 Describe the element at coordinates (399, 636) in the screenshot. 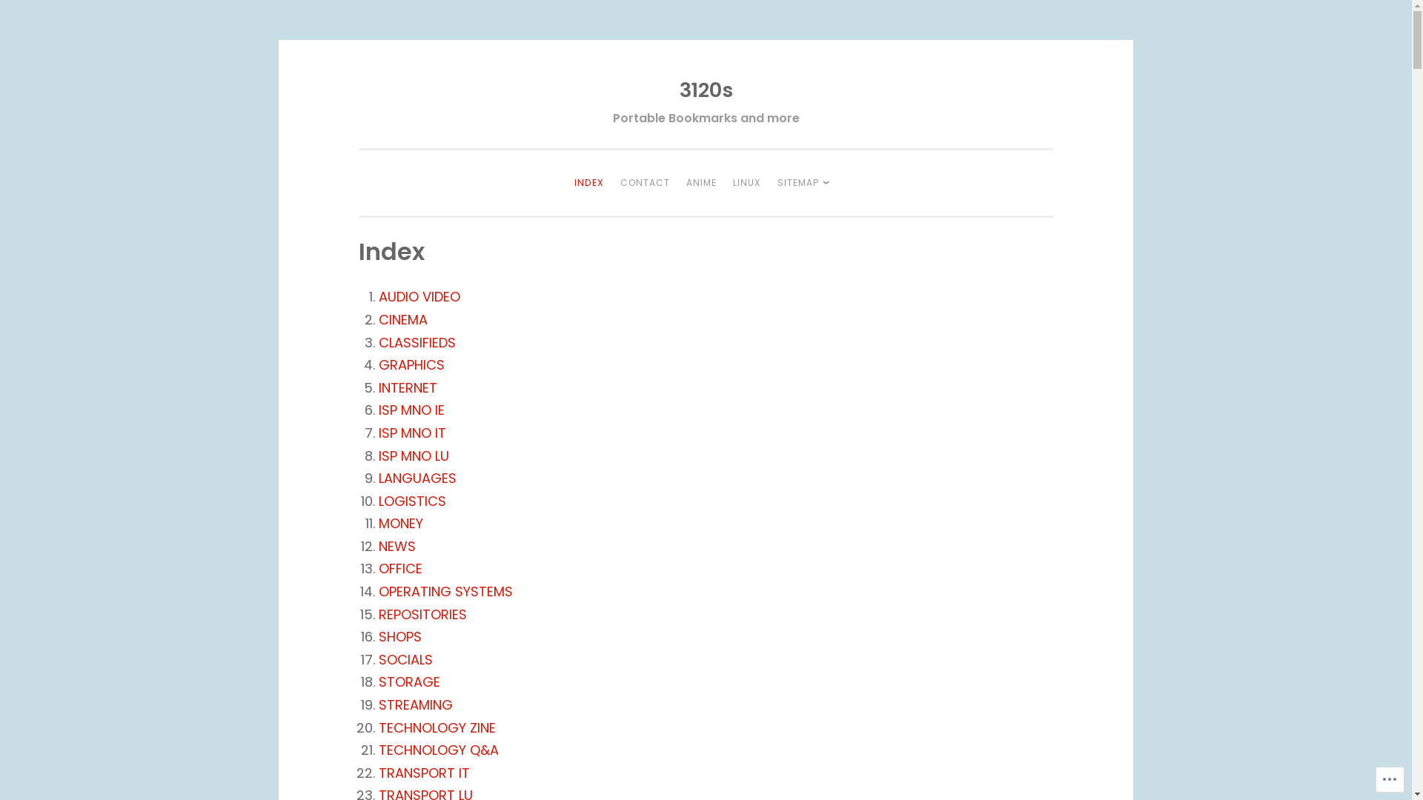

I see `'SHOPS'` at that location.